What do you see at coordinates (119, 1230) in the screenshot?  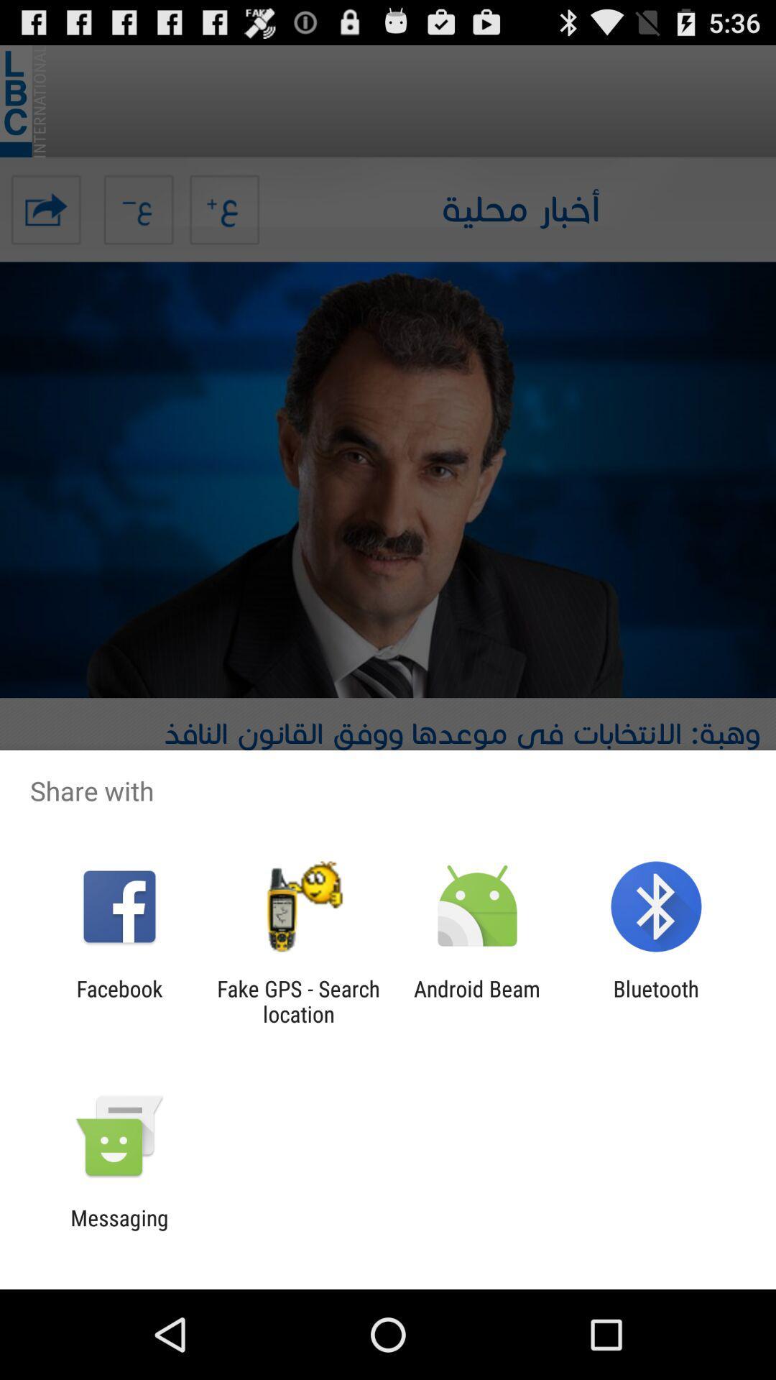 I see `messaging item` at bounding box center [119, 1230].